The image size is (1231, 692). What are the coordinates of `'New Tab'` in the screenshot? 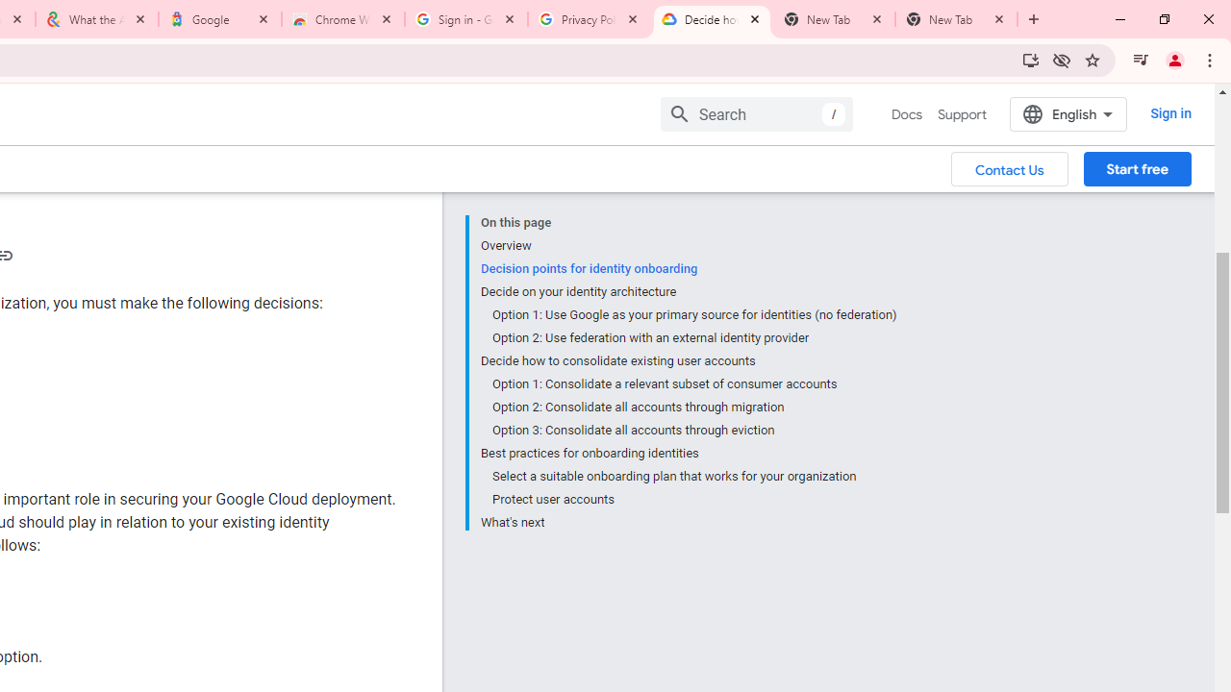 It's located at (956, 19).